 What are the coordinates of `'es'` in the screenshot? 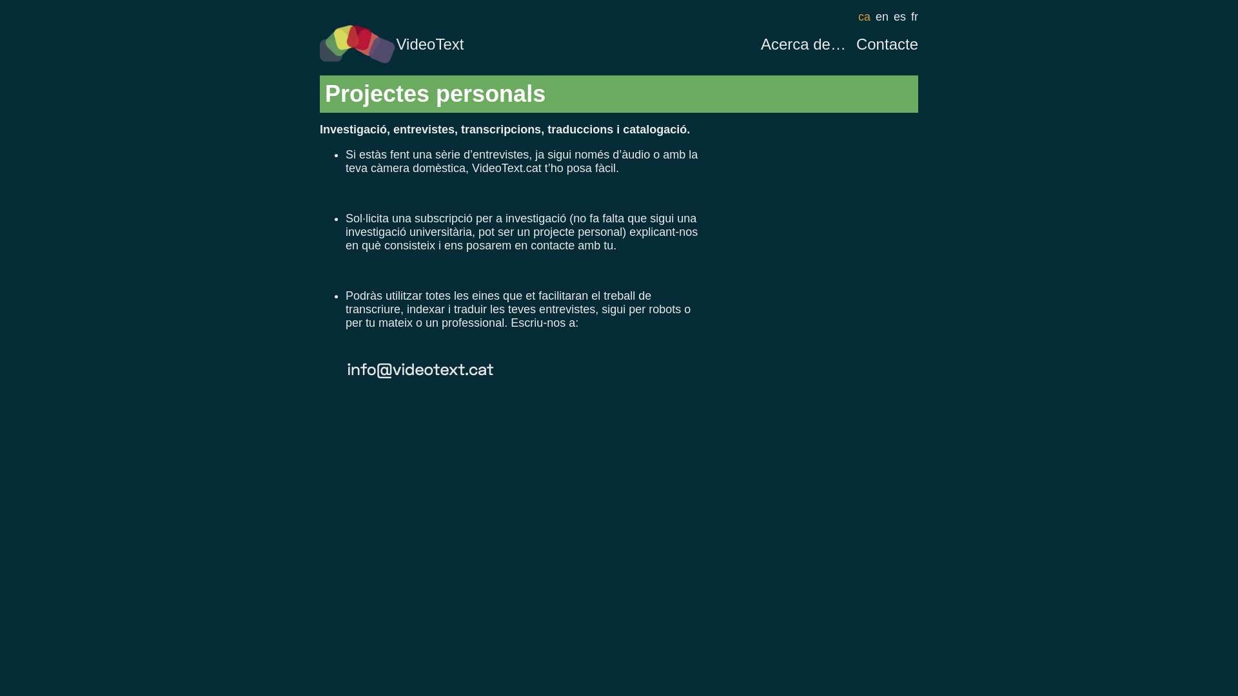 It's located at (893, 17).